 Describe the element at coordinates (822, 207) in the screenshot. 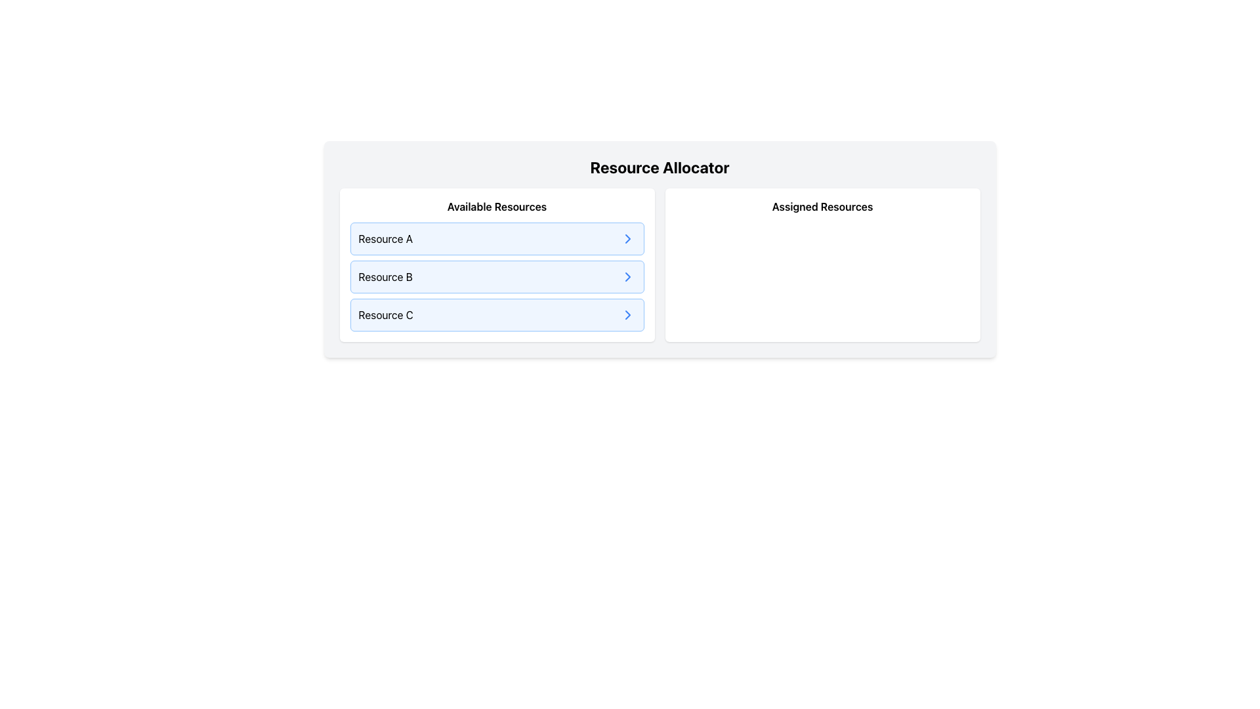

I see `the bold, centered text reading 'Assigned Resources', which is located at the top-center of a white box with rounded corners on the right-hand side of the application interface` at that location.